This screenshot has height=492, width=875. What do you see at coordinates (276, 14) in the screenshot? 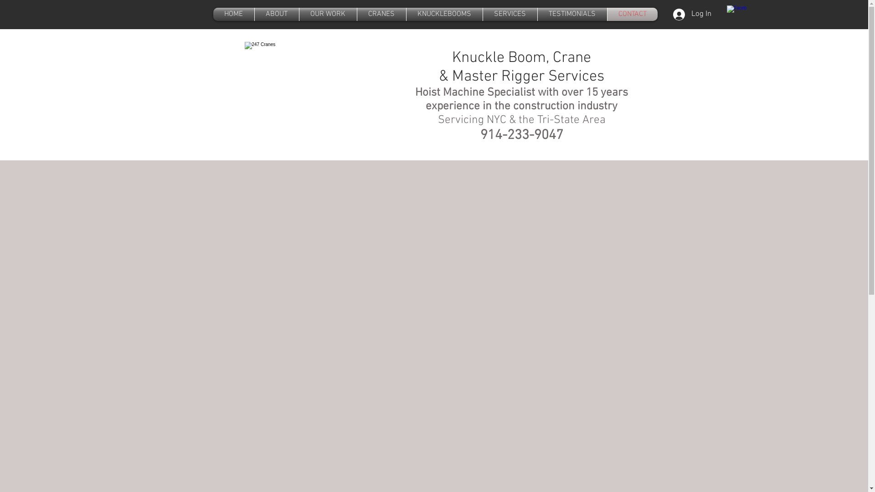
I see `'ABOUT'` at bounding box center [276, 14].